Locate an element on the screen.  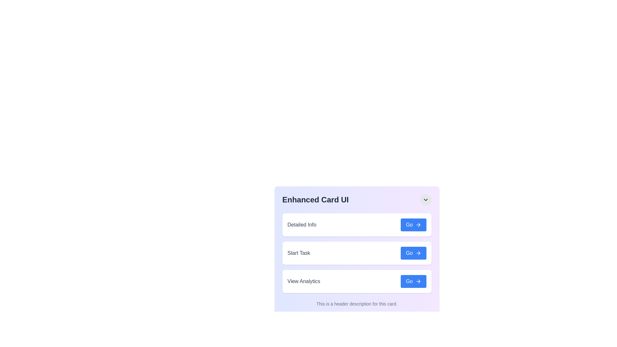
the 'Go' button that contains a right-arrow icon, located in the second row of the options list, next to 'Start Task' is located at coordinates (419, 253).